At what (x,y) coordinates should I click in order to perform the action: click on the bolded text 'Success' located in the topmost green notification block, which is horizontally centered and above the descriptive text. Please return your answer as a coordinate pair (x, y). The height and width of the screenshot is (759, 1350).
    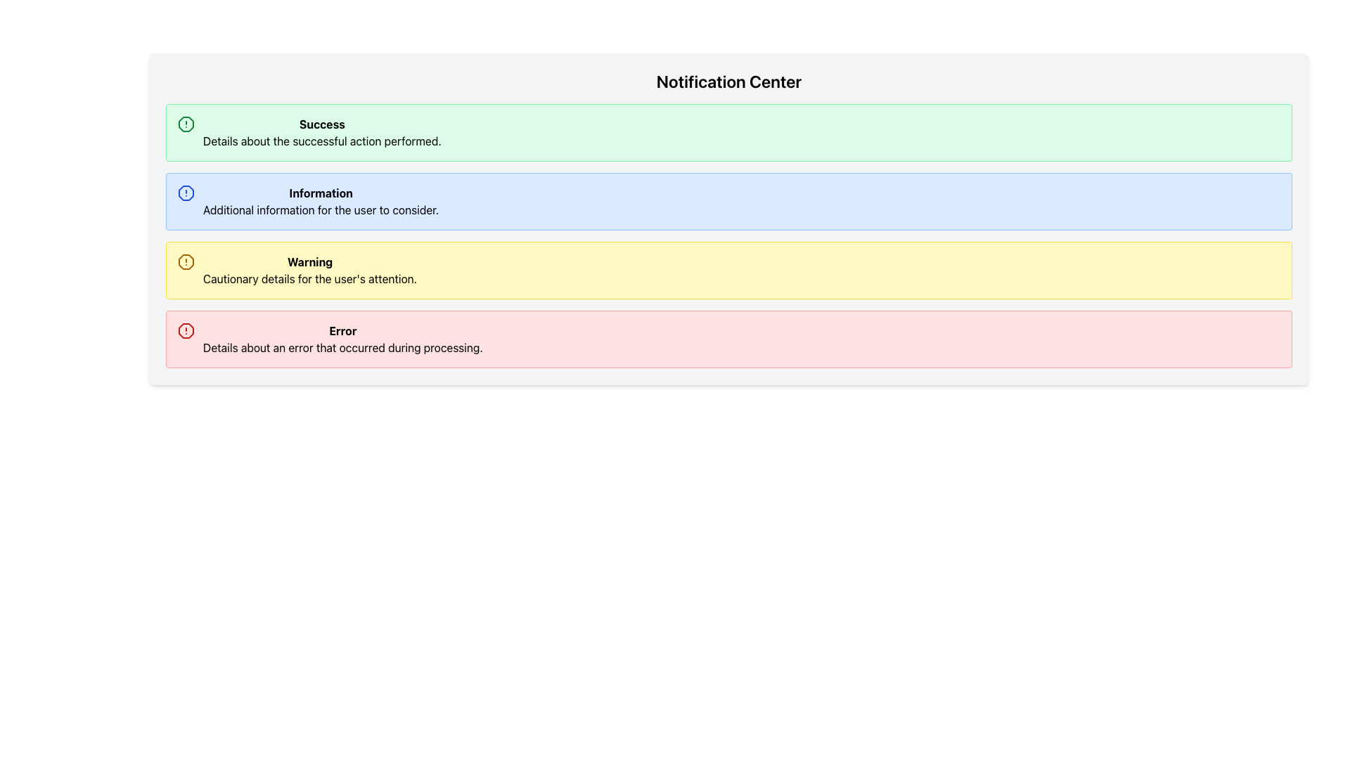
    Looking at the image, I should click on (321, 124).